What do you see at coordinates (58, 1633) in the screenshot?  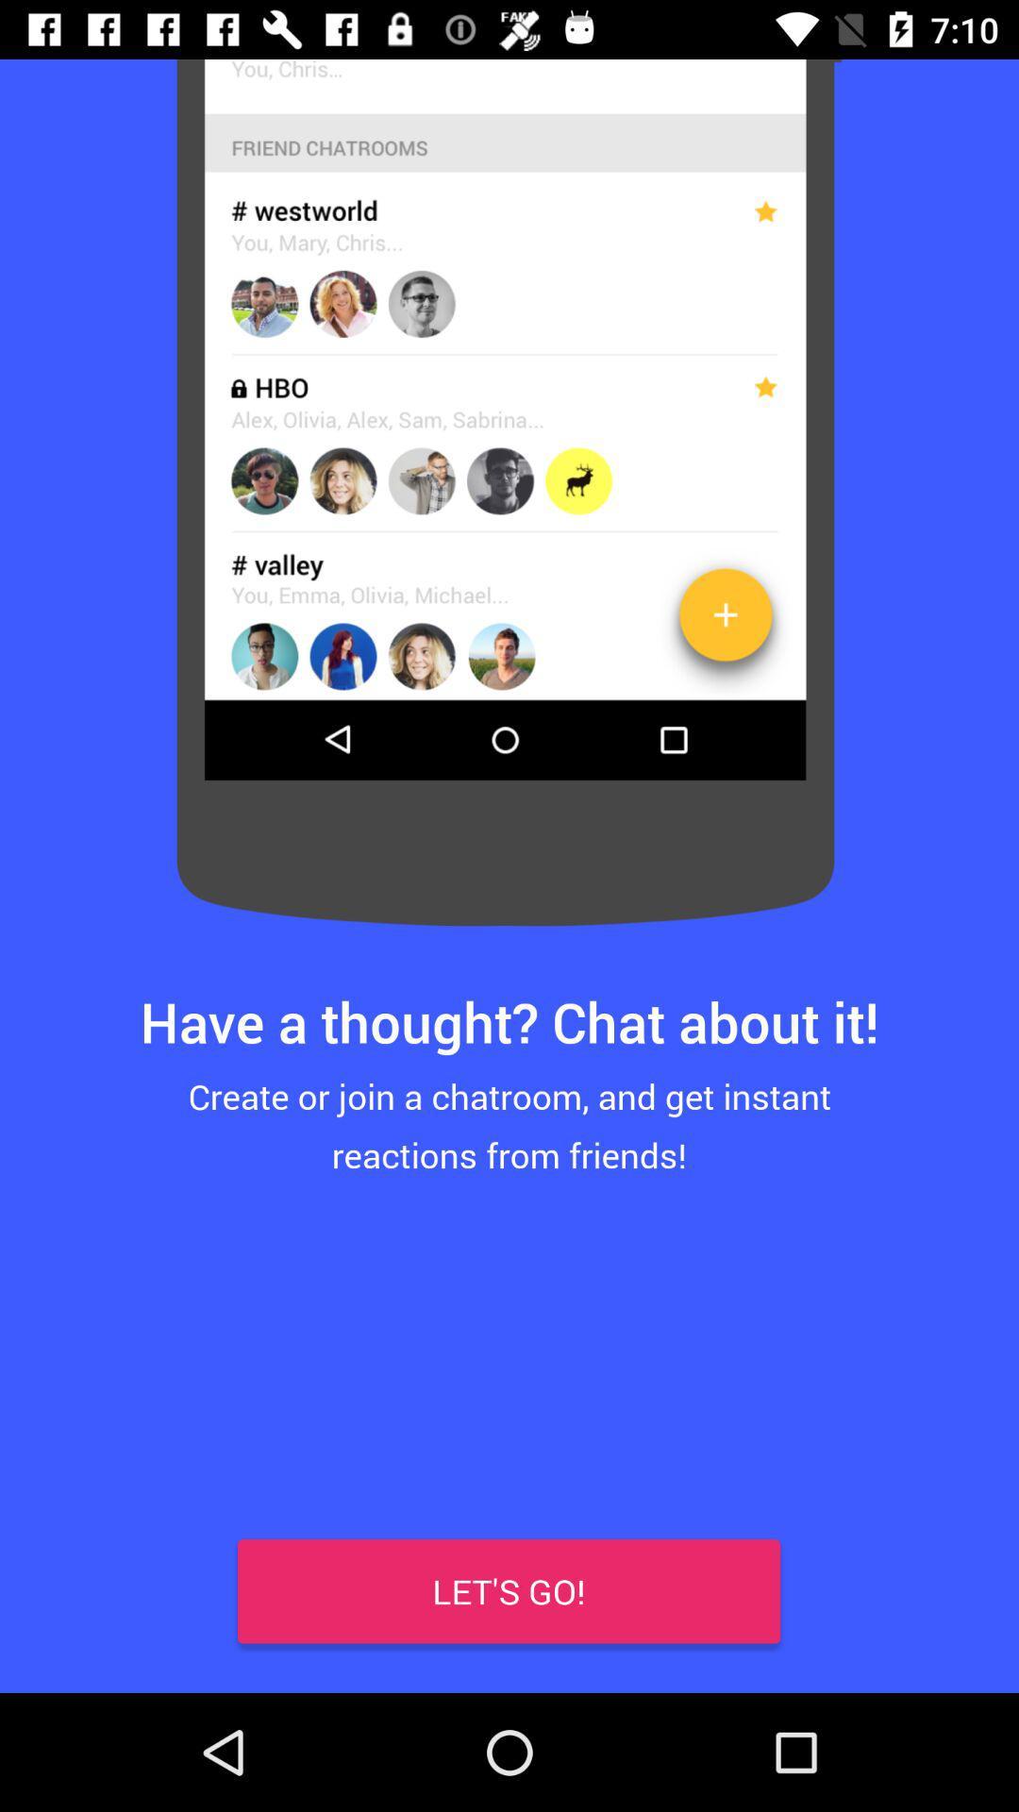 I see `the icon below the create or join item` at bounding box center [58, 1633].